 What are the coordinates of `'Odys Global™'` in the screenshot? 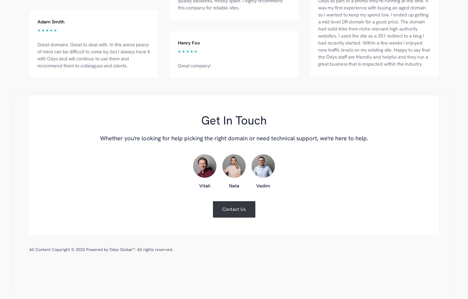 It's located at (109, 249).